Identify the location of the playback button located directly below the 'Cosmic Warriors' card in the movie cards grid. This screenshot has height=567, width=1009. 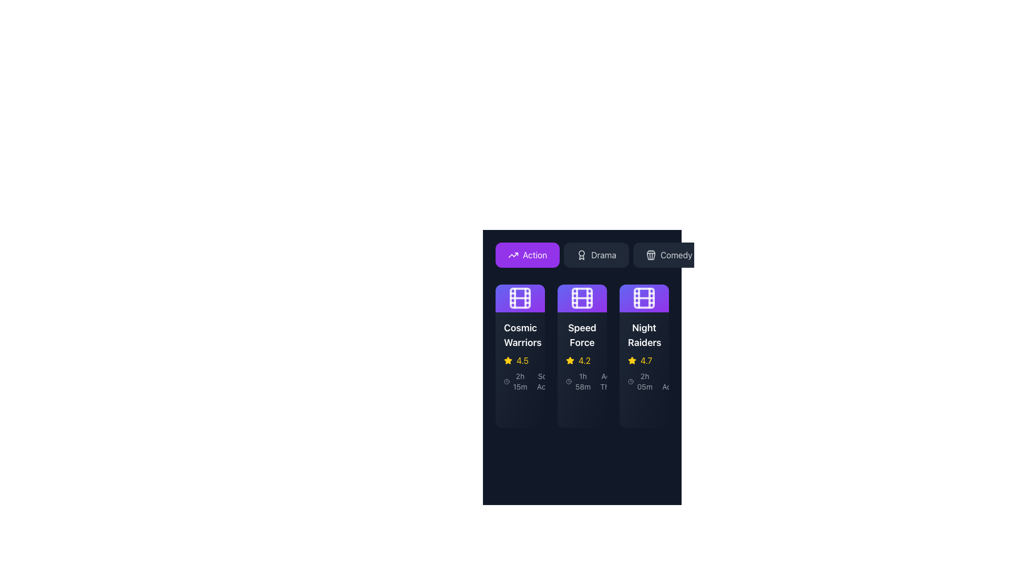
(527, 408).